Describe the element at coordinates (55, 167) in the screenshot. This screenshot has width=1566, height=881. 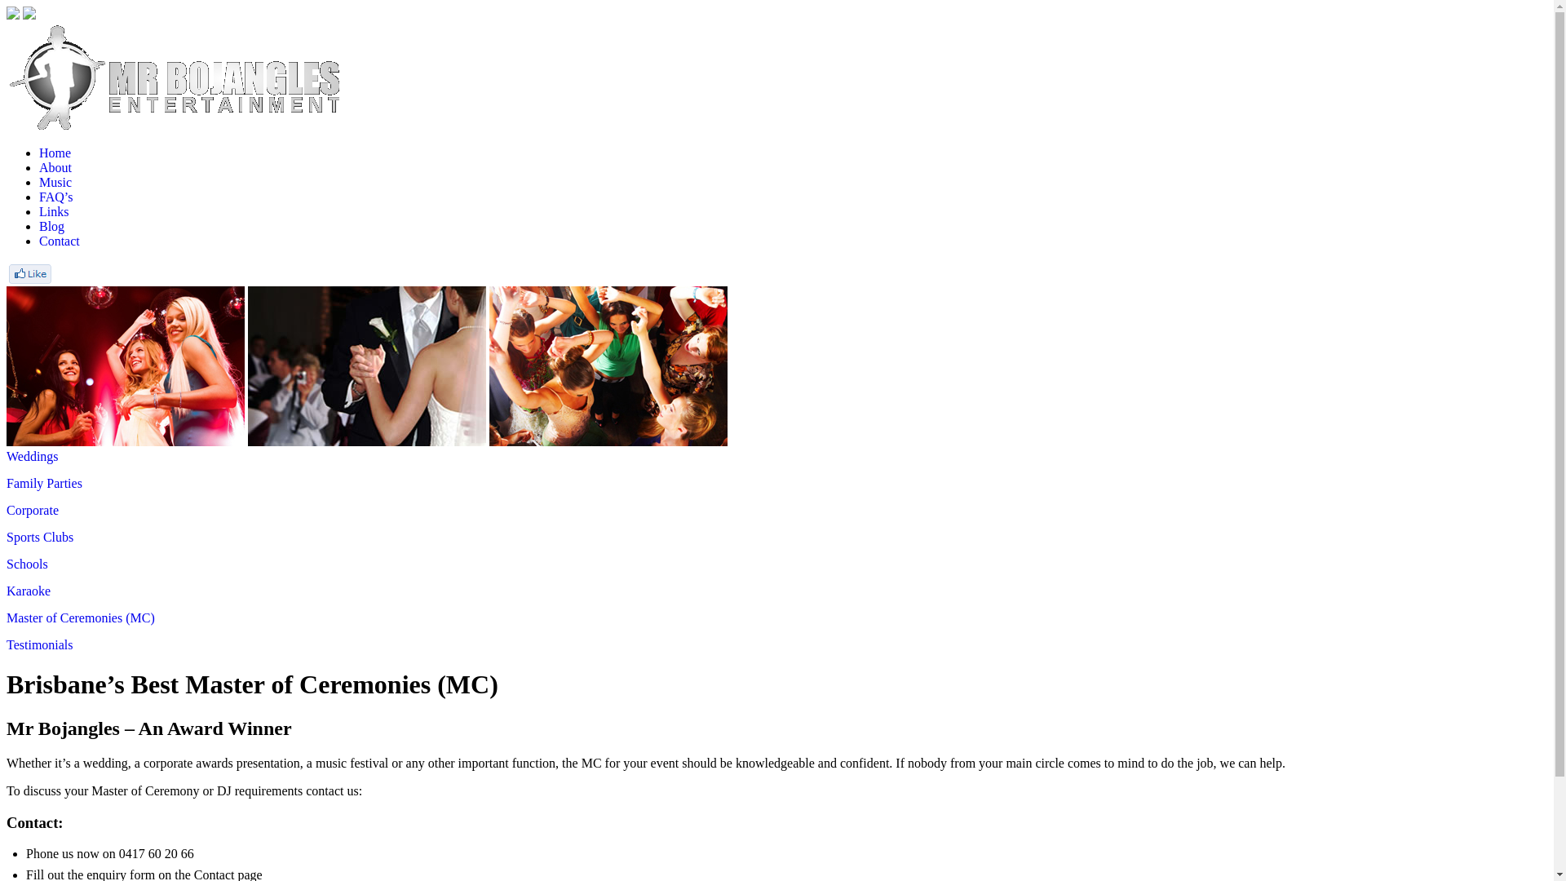
I see `'About'` at that location.